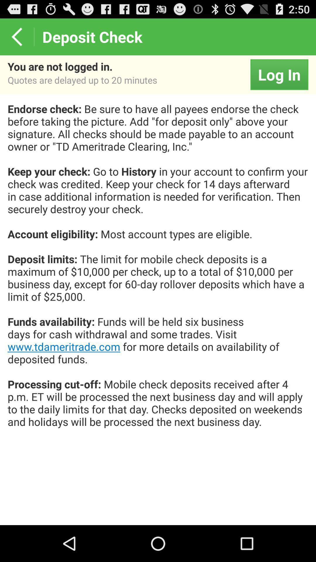 The height and width of the screenshot is (562, 316). I want to click on the log in, so click(279, 74).